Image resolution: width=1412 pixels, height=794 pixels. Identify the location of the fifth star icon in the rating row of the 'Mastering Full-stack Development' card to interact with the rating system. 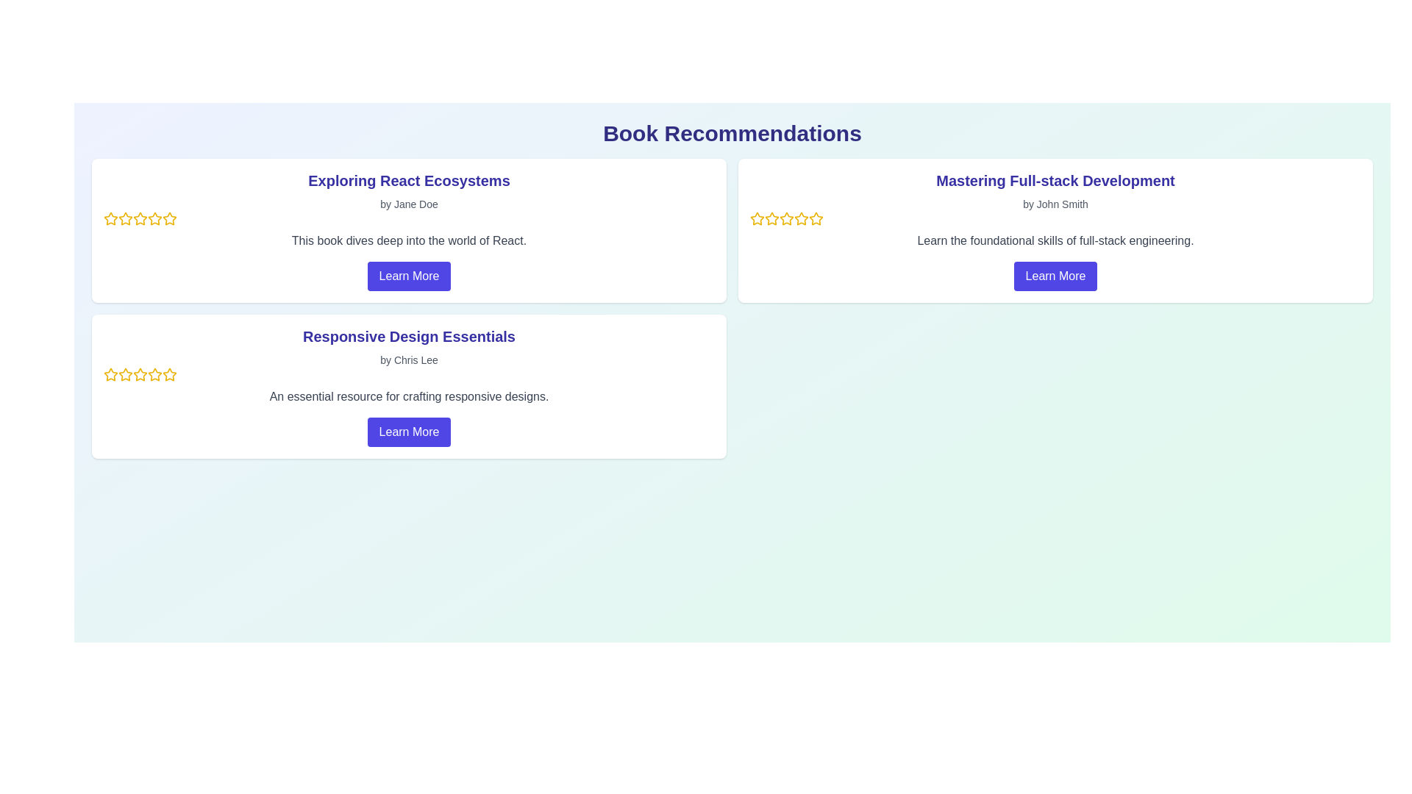
(800, 218).